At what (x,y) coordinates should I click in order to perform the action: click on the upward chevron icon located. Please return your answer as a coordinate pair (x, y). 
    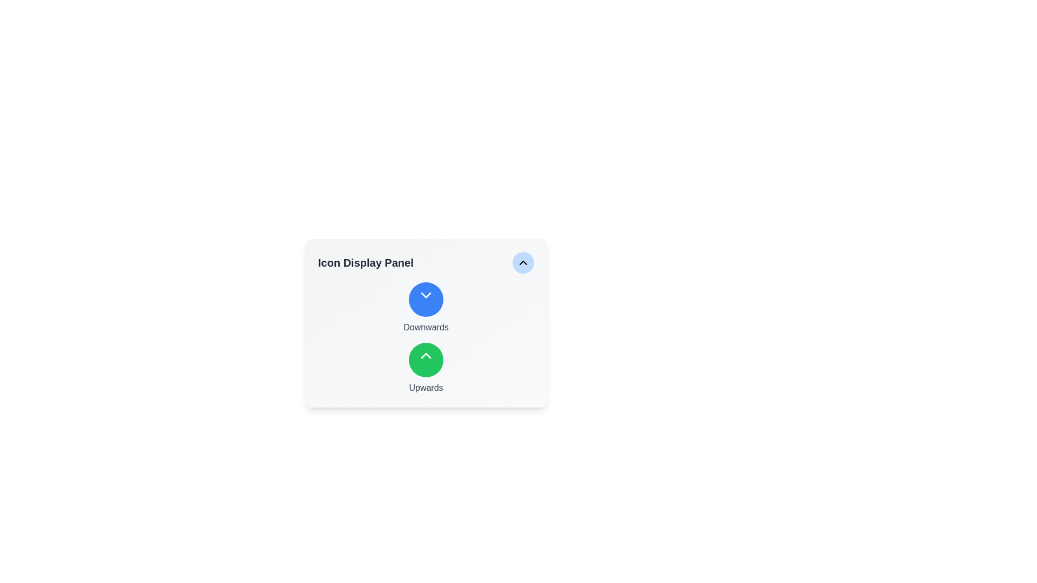
    Looking at the image, I should click on (523, 262).